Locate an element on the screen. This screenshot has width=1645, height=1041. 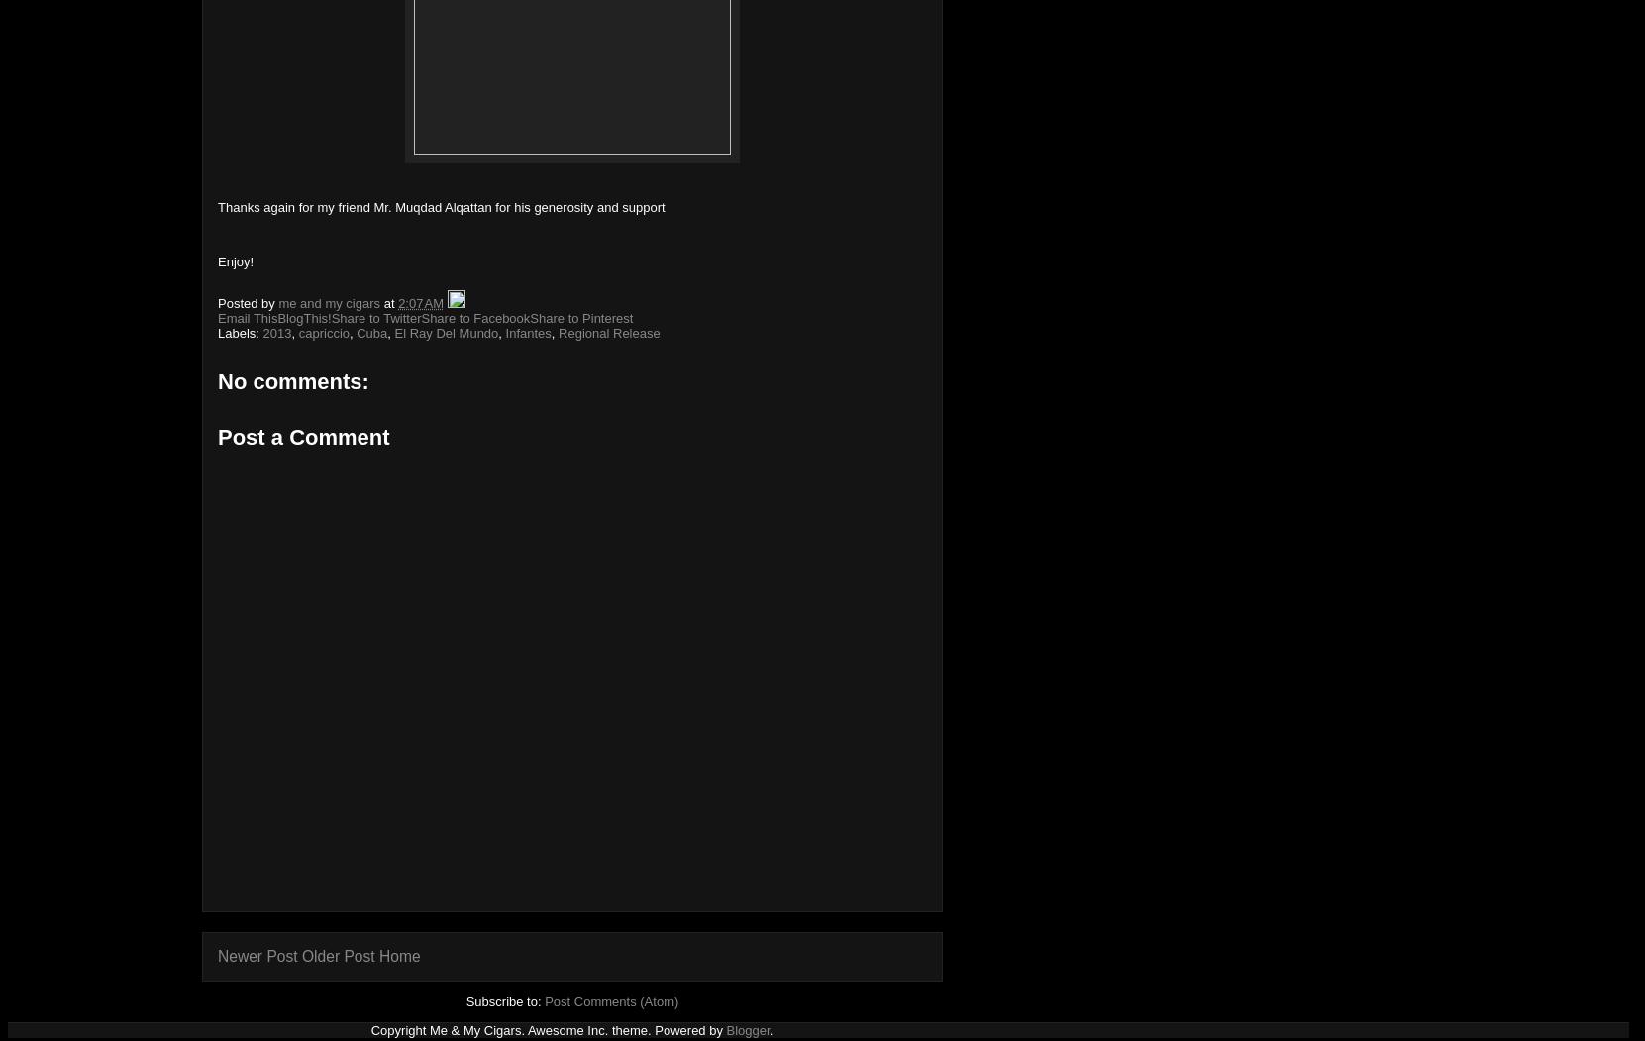
'Email This' is located at coordinates (246, 317).